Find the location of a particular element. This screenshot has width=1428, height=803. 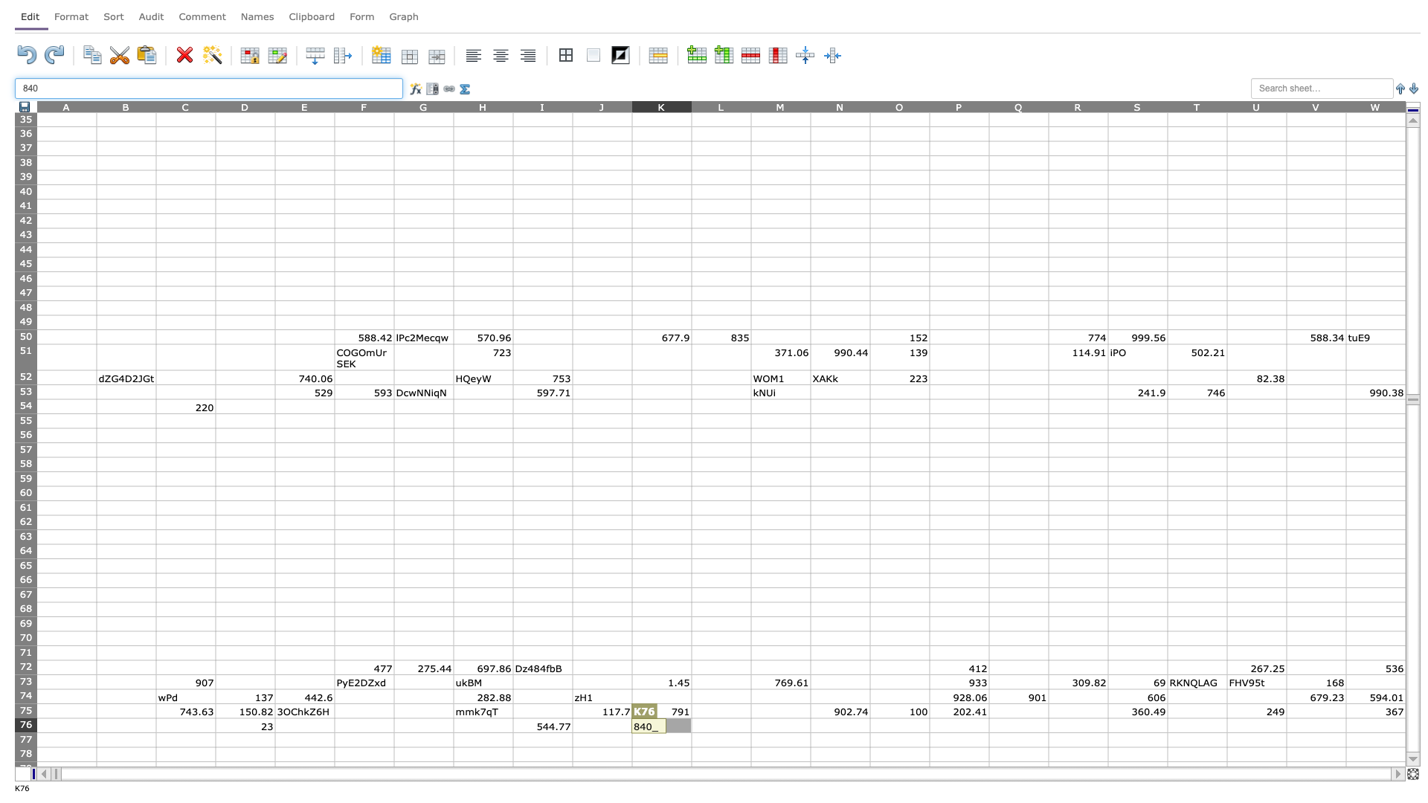

top left corner of M76 is located at coordinates (750, 717).